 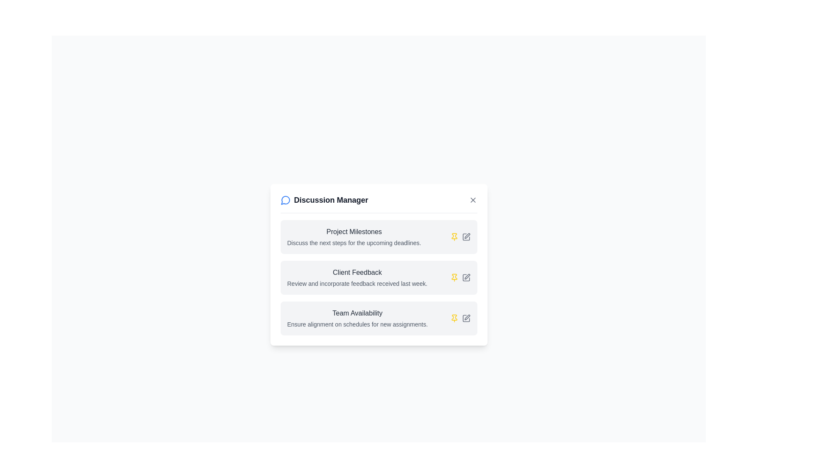 I want to click on the clickable icon in the bottom-right corner of the 'Team Availability' discussion card, so click(x=466, y=318).